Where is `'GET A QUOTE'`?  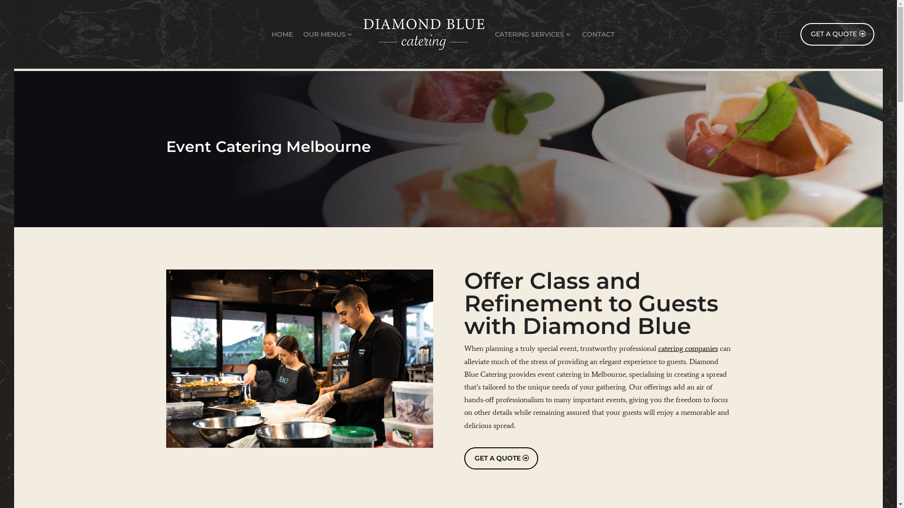 'GET A QUOTE' is located at coordinates (837, 34).